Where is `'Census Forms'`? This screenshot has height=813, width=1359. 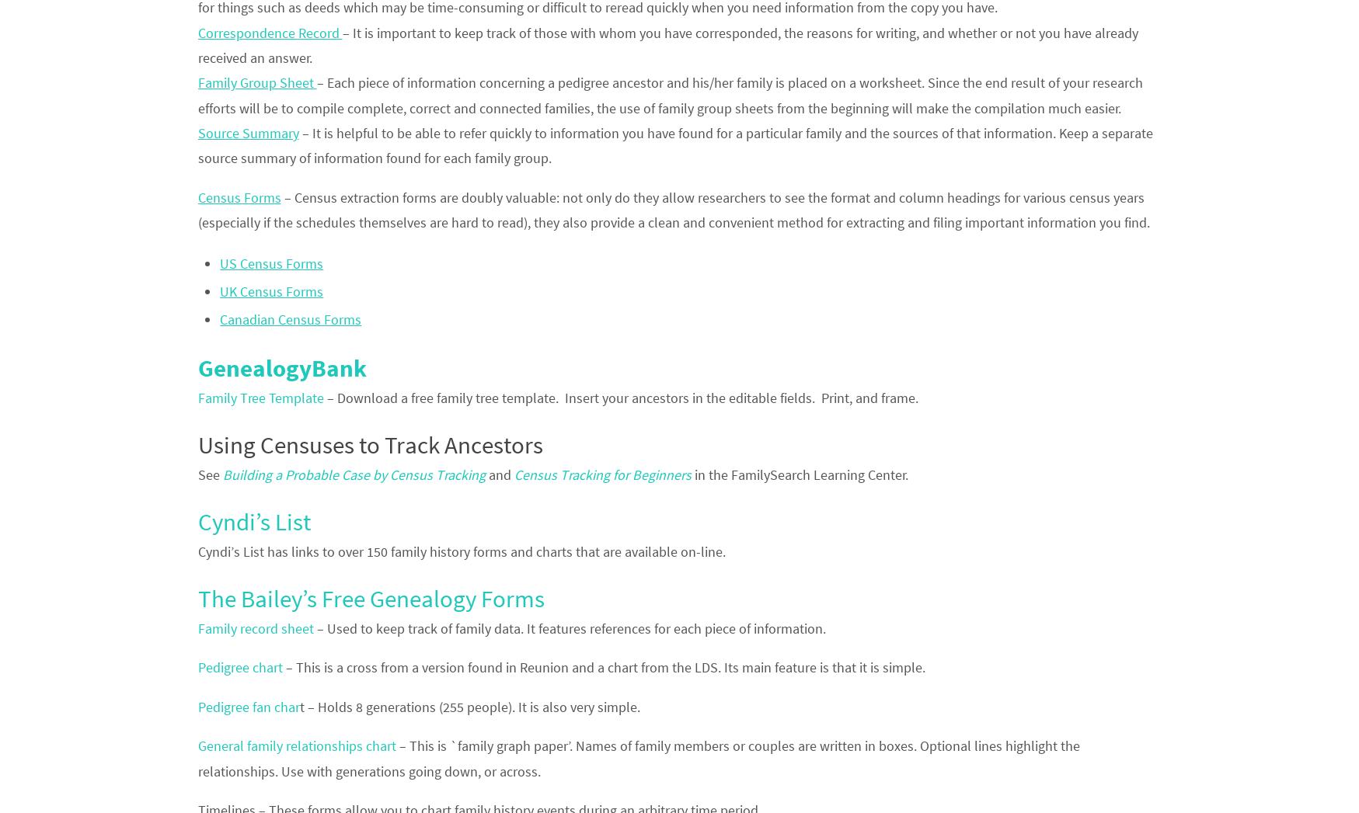
'Census Forms' is located at coordinates (238, 196).